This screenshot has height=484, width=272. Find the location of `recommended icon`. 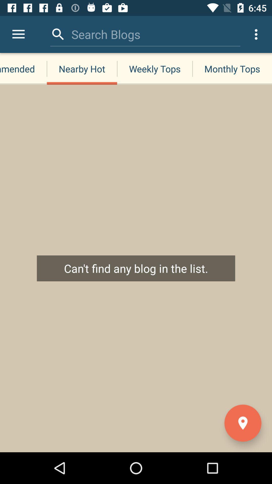

recommended icon is located at coordinates (23, 69).